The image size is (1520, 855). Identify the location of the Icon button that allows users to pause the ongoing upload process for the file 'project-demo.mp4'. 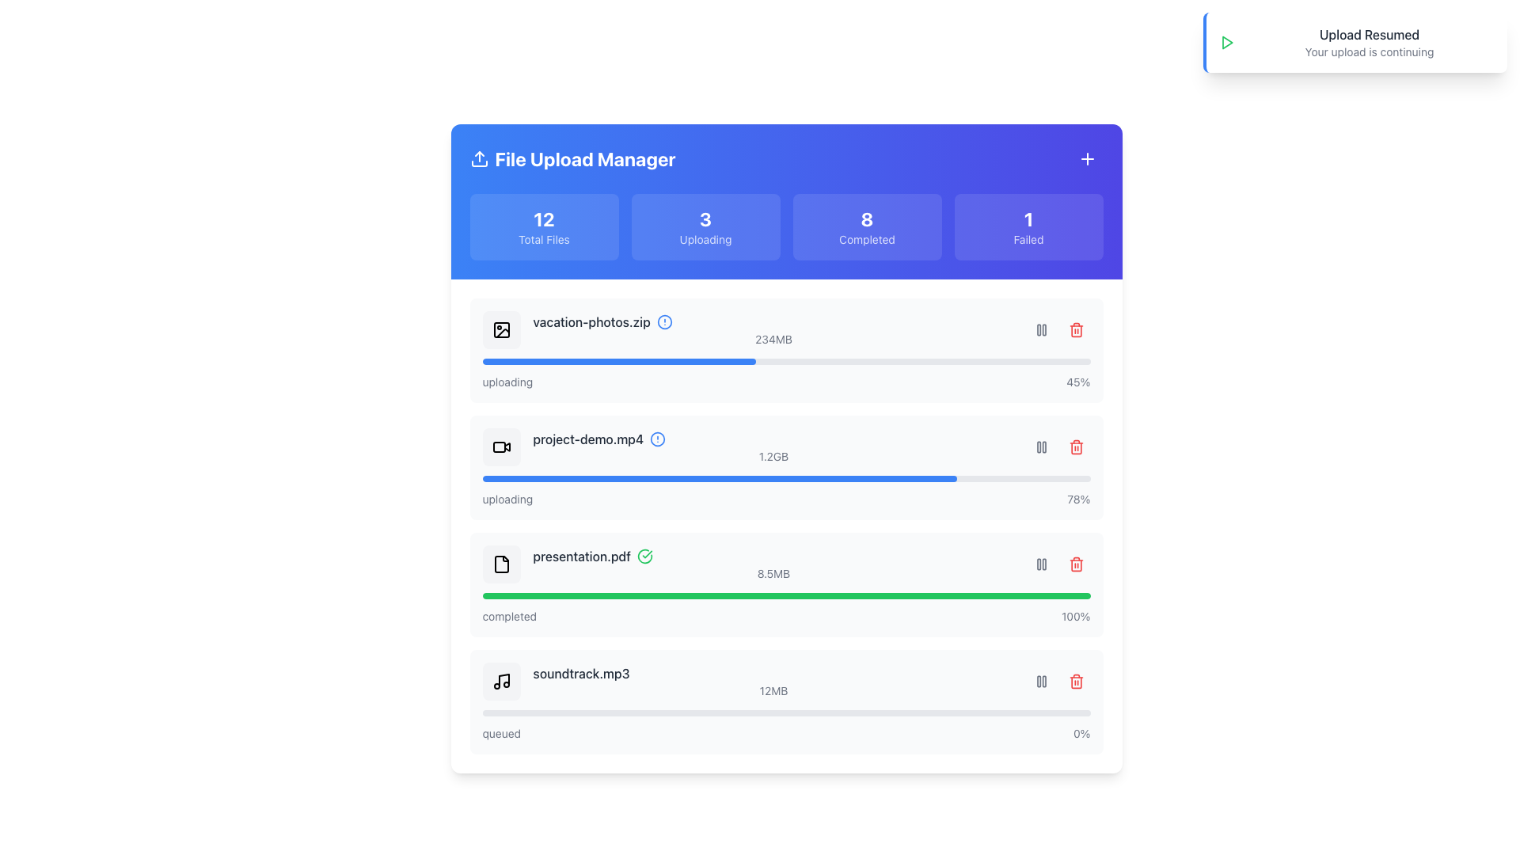
(1041, 446).